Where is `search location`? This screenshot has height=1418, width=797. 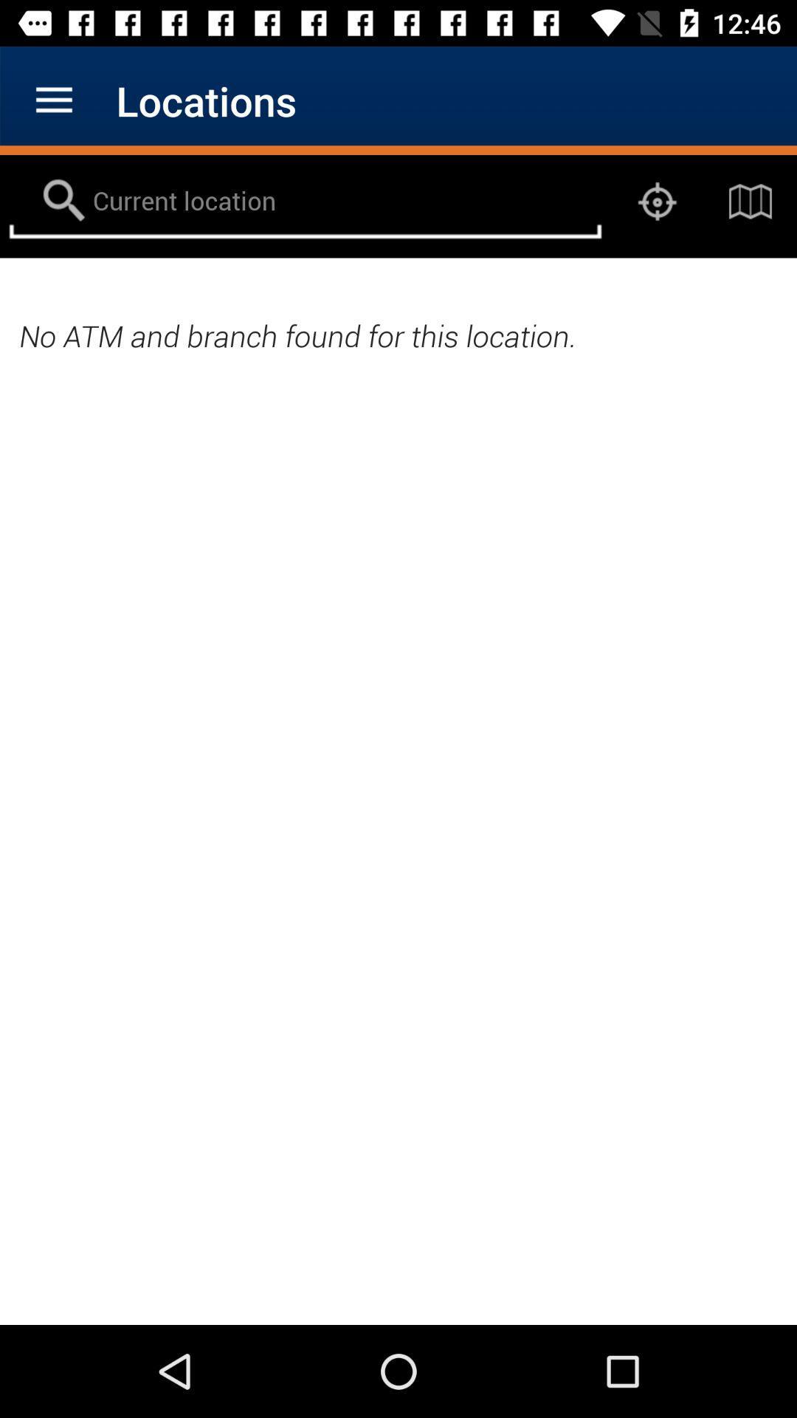
search location is located at coordinates (304, 201).